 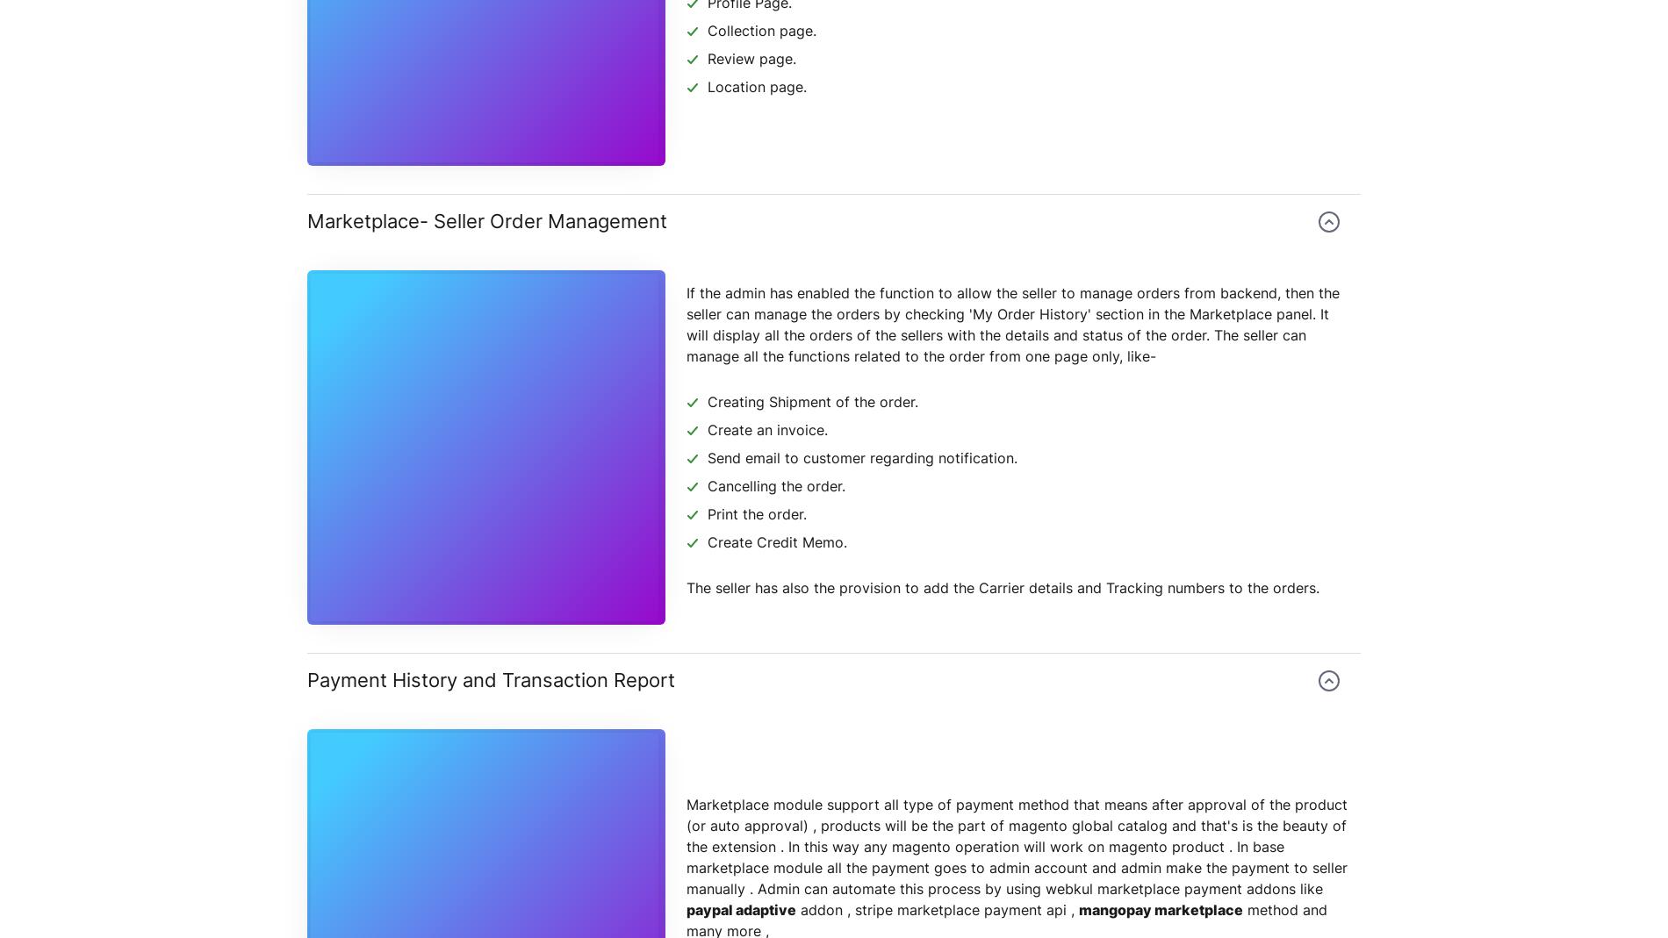 I want to click on 'The seller has also the provision to add the Carrier details and Tracking numbers to the orders.', so click(x=1003, y=587).